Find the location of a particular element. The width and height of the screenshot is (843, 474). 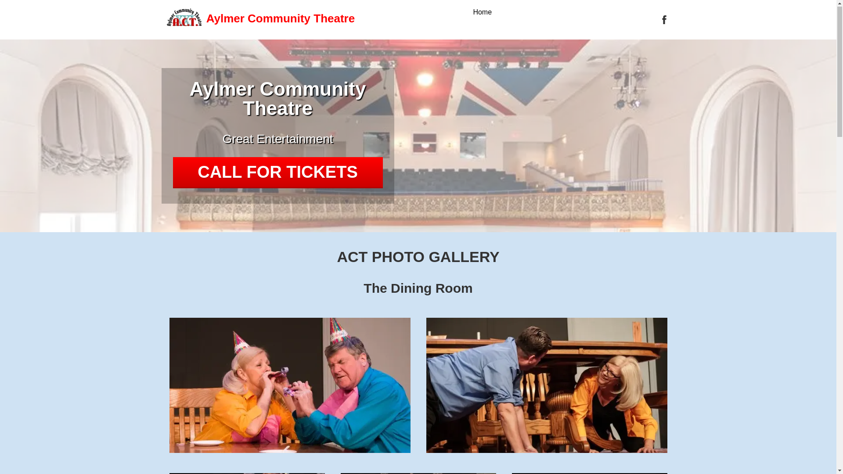

'Home' is located at coordinates (472, 13).